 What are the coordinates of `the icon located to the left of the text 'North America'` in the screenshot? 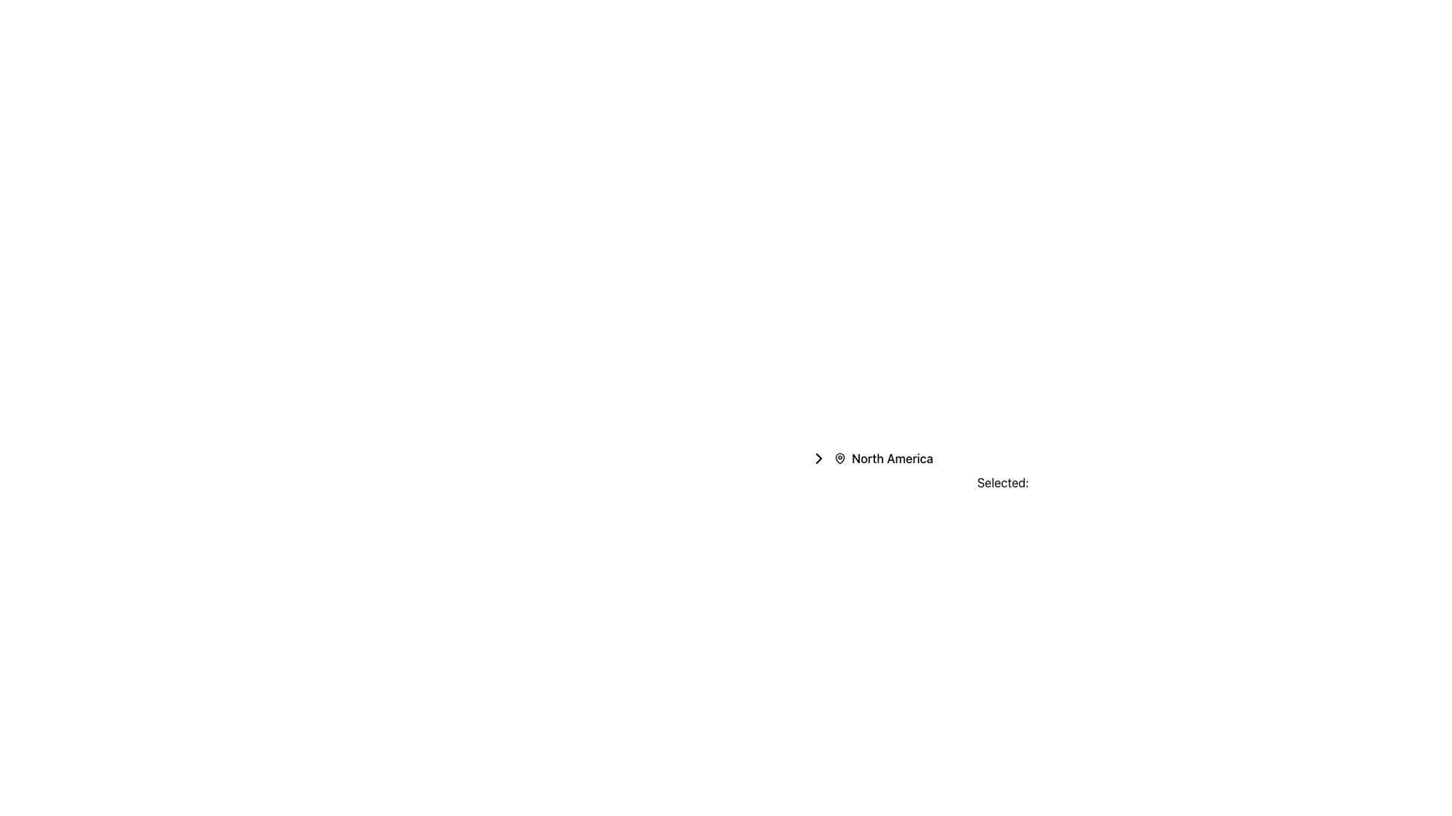 It's located at (839, 457).